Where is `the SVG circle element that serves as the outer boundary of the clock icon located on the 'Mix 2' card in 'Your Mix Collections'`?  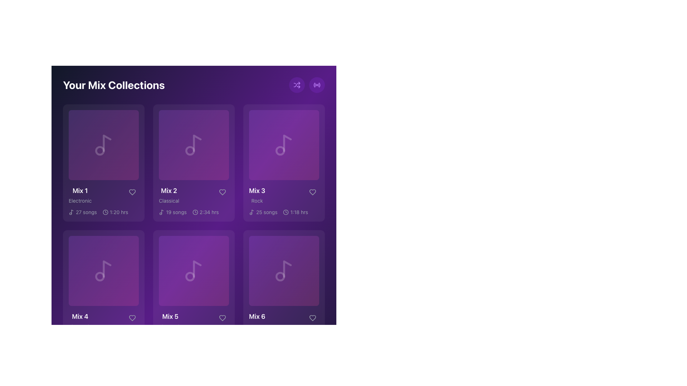
the SVG circle element that serves as the outer boundary of the clock icon located on the 'Mix 2' card in 'Your Mix Collections' is located at coordinates (195, 212).